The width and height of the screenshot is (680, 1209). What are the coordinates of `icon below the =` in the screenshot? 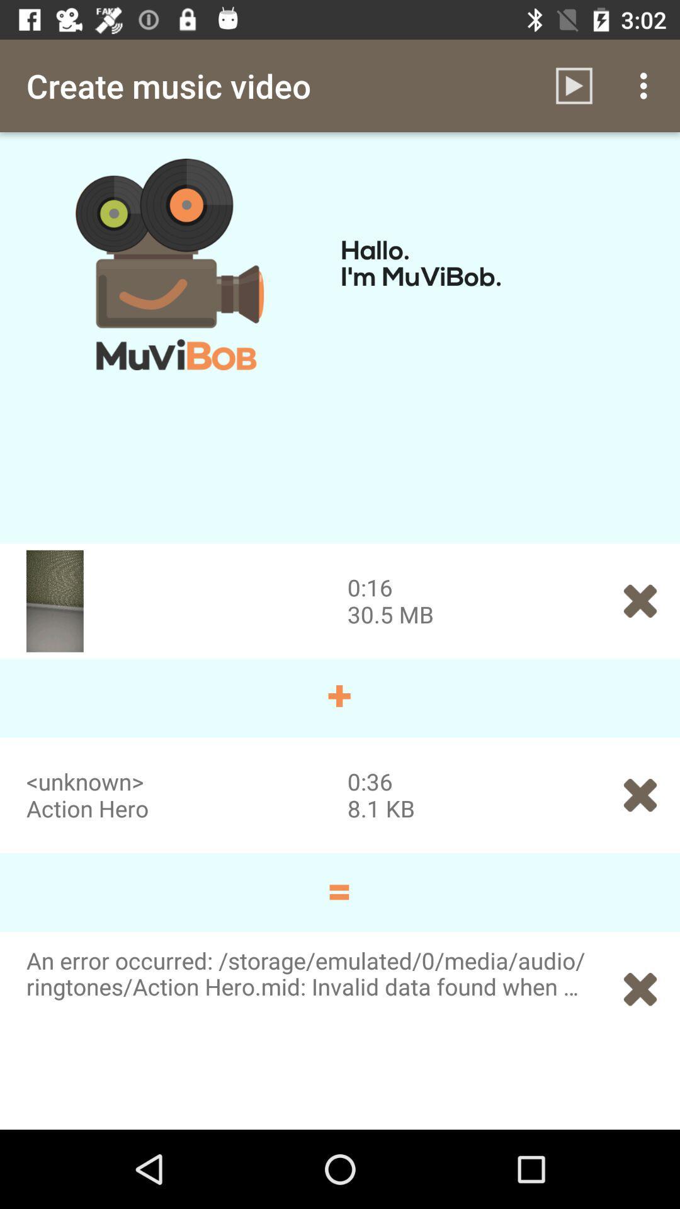 It's located at (640, 989).